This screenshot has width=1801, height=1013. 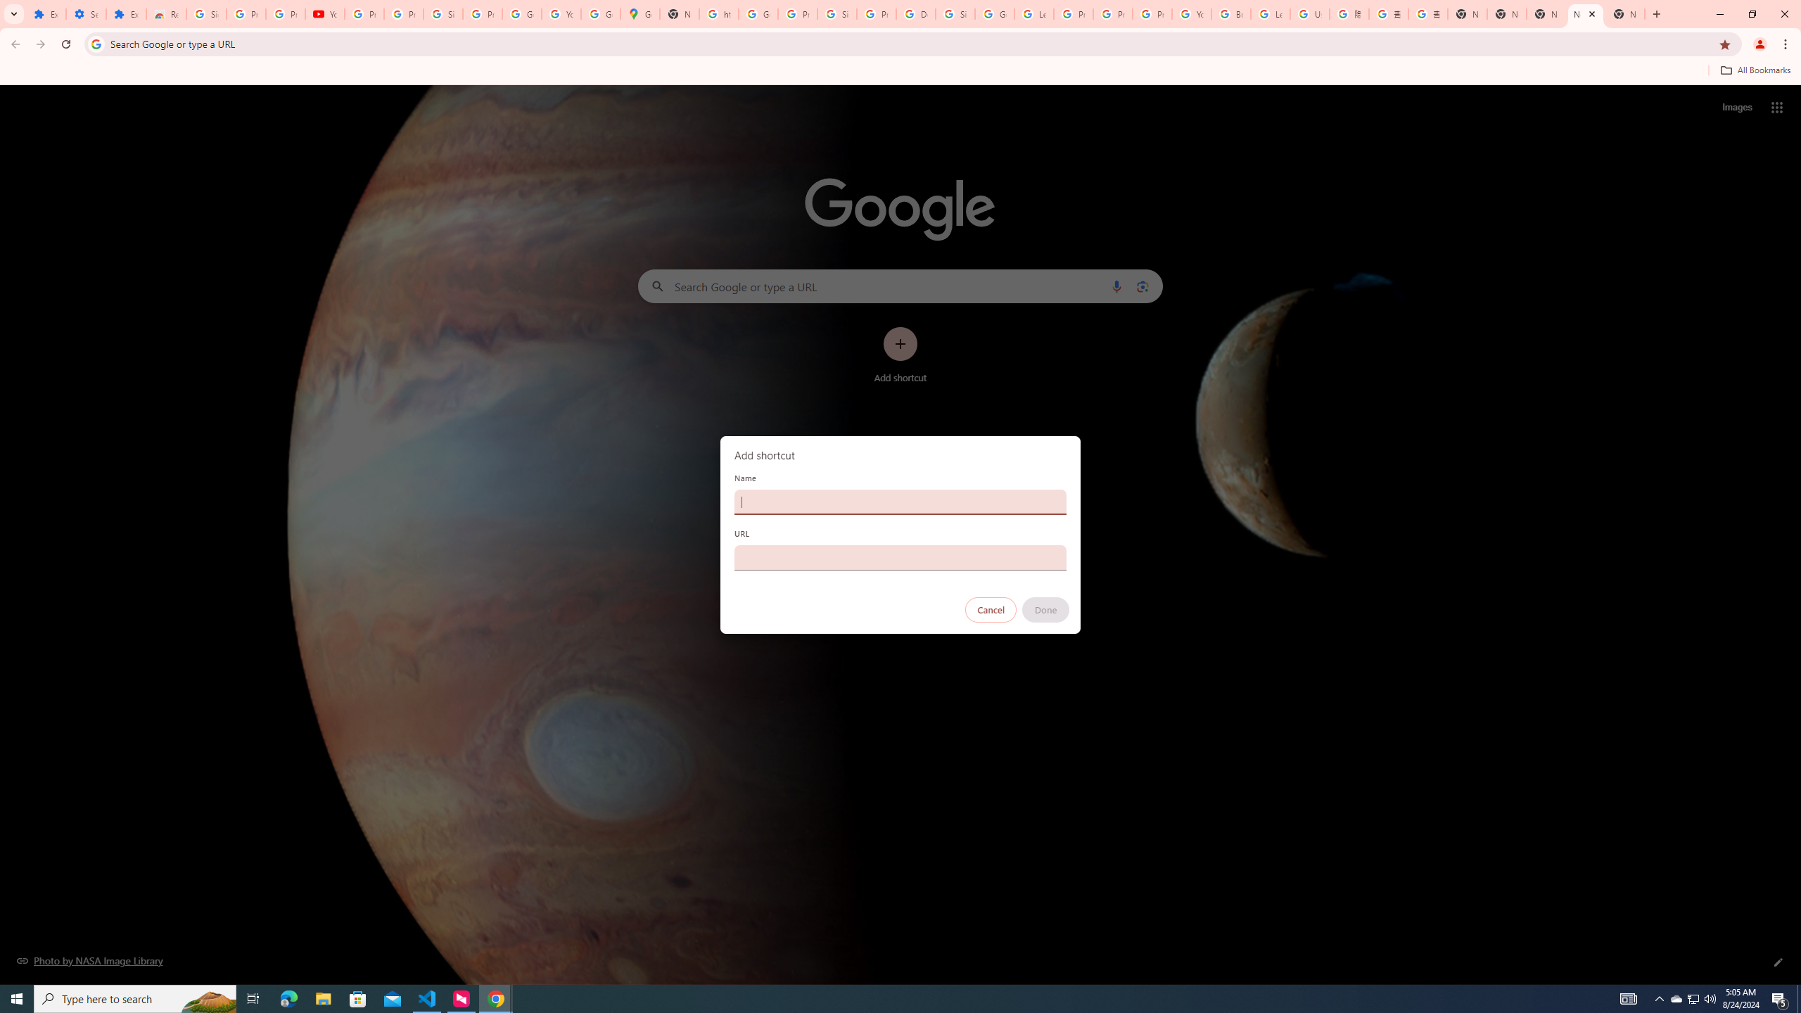 I want to click on 'Privacy Help Center - Policies Help', so click(x=1074, y=13).